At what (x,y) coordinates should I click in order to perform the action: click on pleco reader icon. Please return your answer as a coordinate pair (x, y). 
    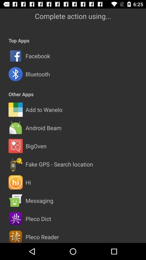
    Looking at the image, I should click on (42, 236).